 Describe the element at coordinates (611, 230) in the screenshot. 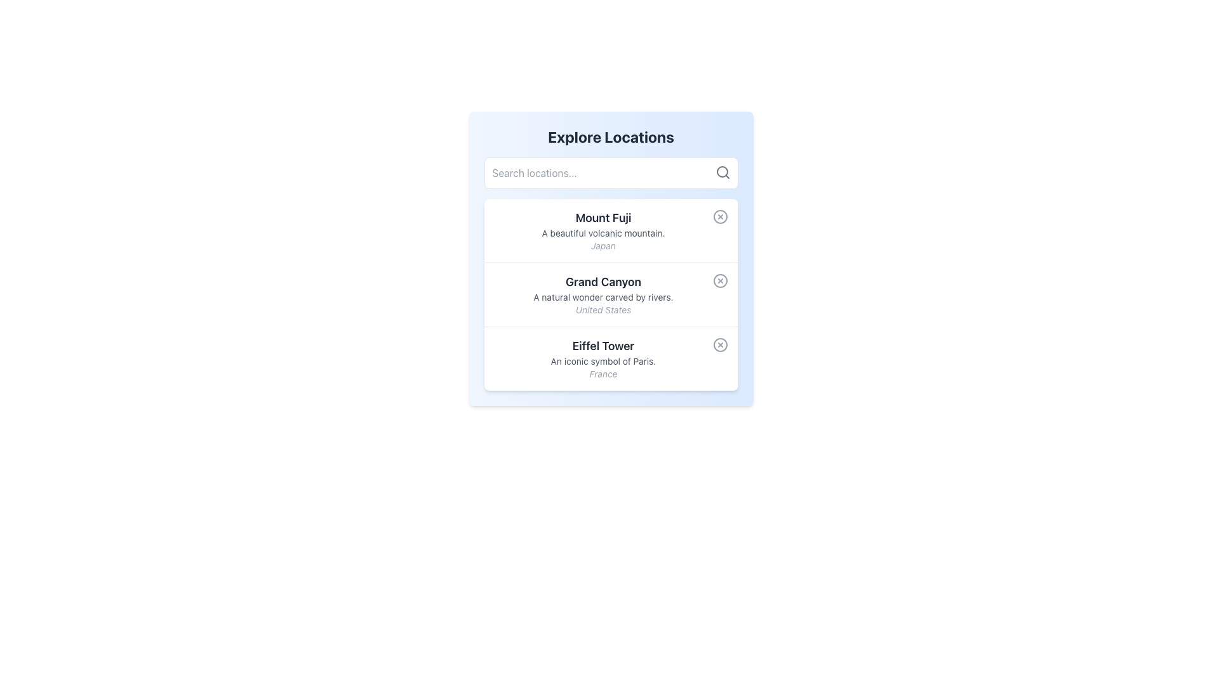

I see `the first list item block under the header 'Explore Locations'` at that location.